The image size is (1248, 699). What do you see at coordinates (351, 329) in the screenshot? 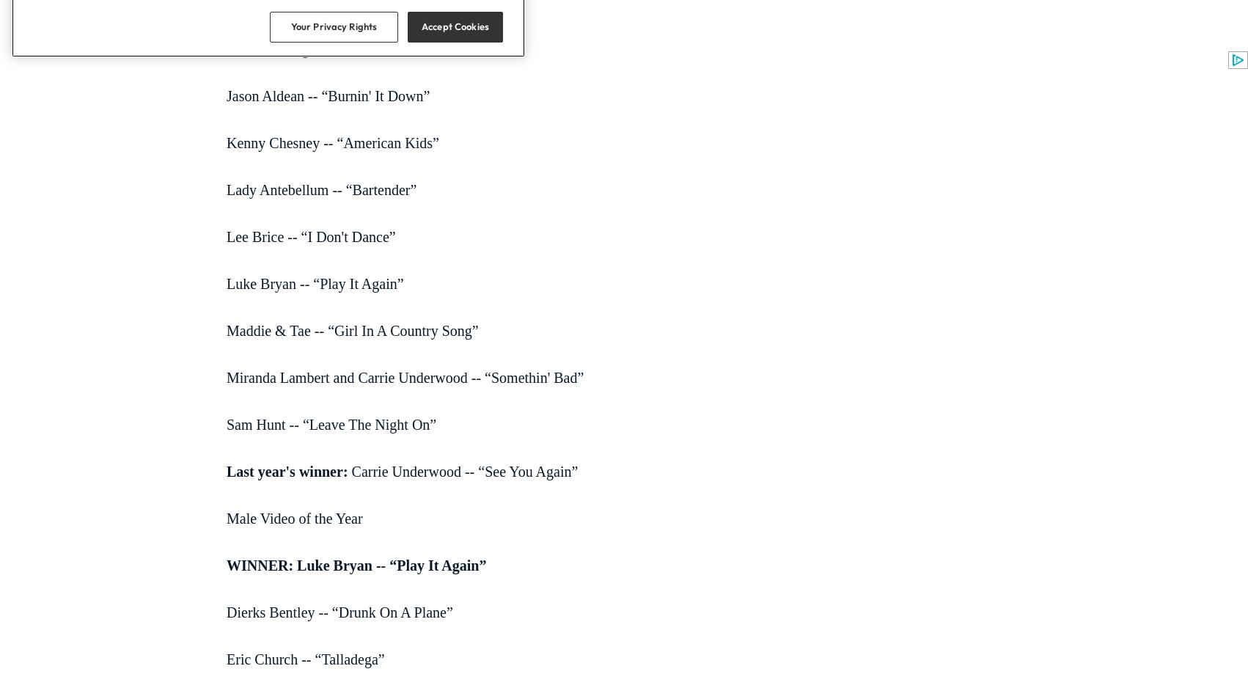
I see `'Maddie & Tae -- “Girl In A Country Song”'` at bounding box center [351, 329].